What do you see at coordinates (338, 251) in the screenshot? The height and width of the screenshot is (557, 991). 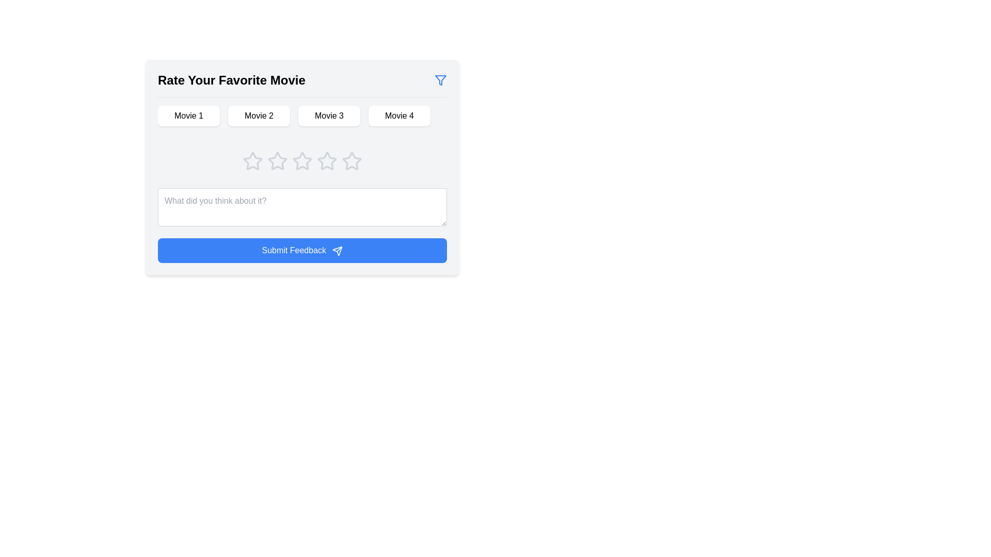 I see `the Send symbol icon, which resembles a paper airplane with a white stroke on a blue background, located at the far right end of the 'Submit Feedback' button` at bounding box center [338, 251].